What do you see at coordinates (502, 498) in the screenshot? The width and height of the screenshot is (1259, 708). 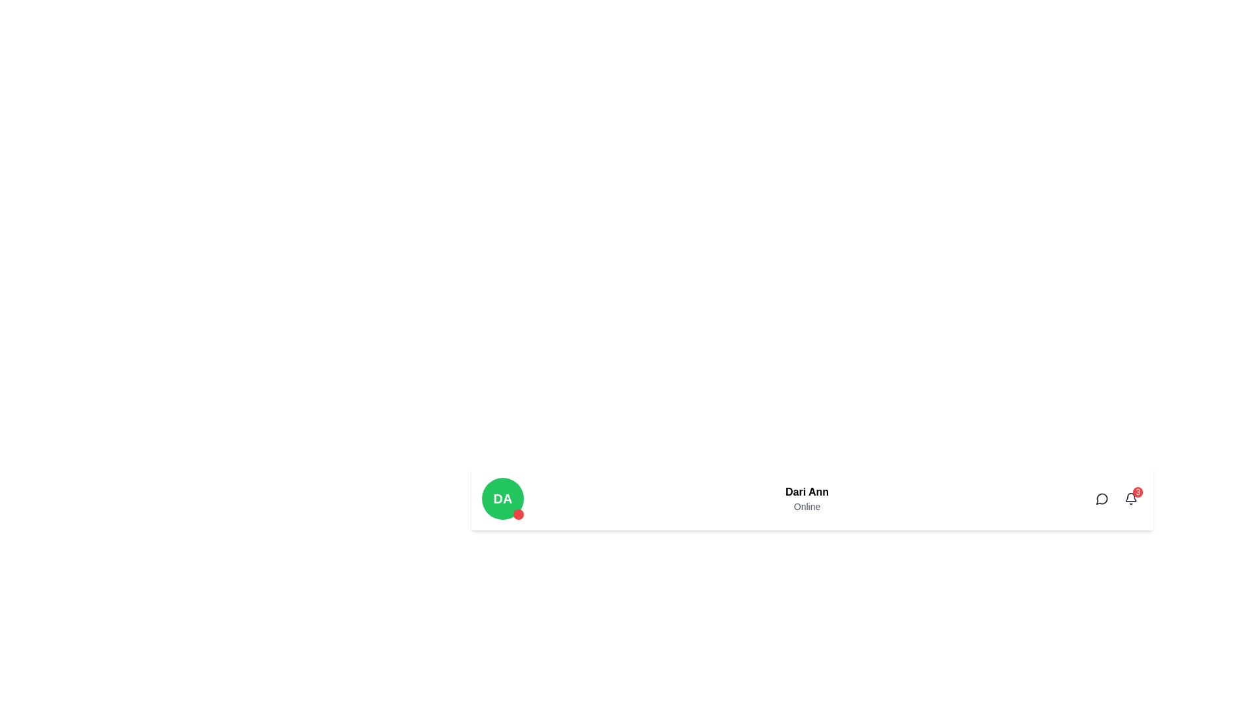 I see `the Text Label that represents a user's initials or profile placeholder, which is located at the center of a green circular background in the bottom-left corner of the interface` at bounding box center [502, 498].